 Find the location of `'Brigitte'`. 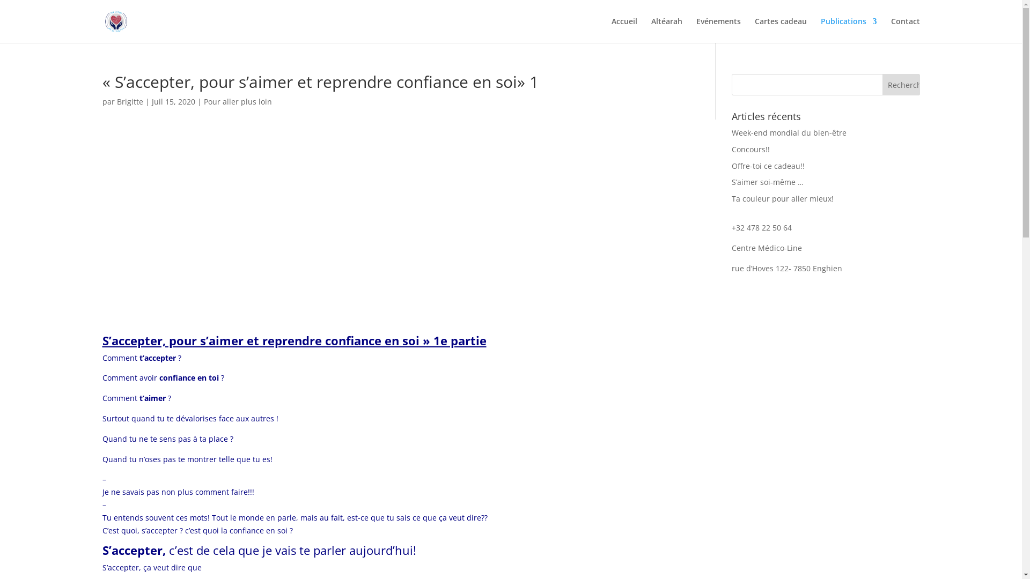

'Brigitte' is located at coordinates (129, 101).